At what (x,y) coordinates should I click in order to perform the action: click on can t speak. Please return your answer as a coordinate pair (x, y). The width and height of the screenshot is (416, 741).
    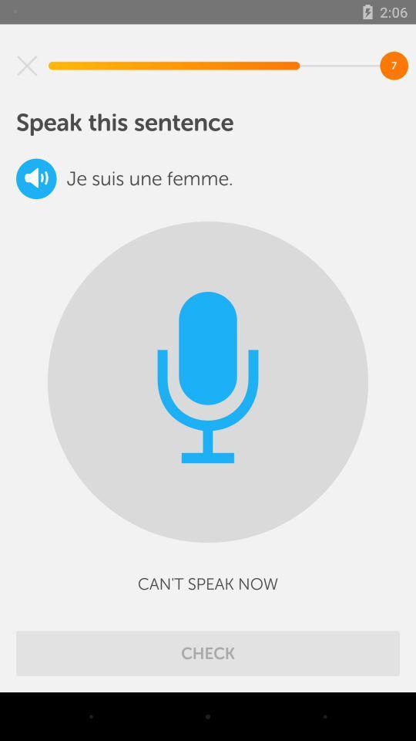
    Looking at the image, I should click on (208, 583).